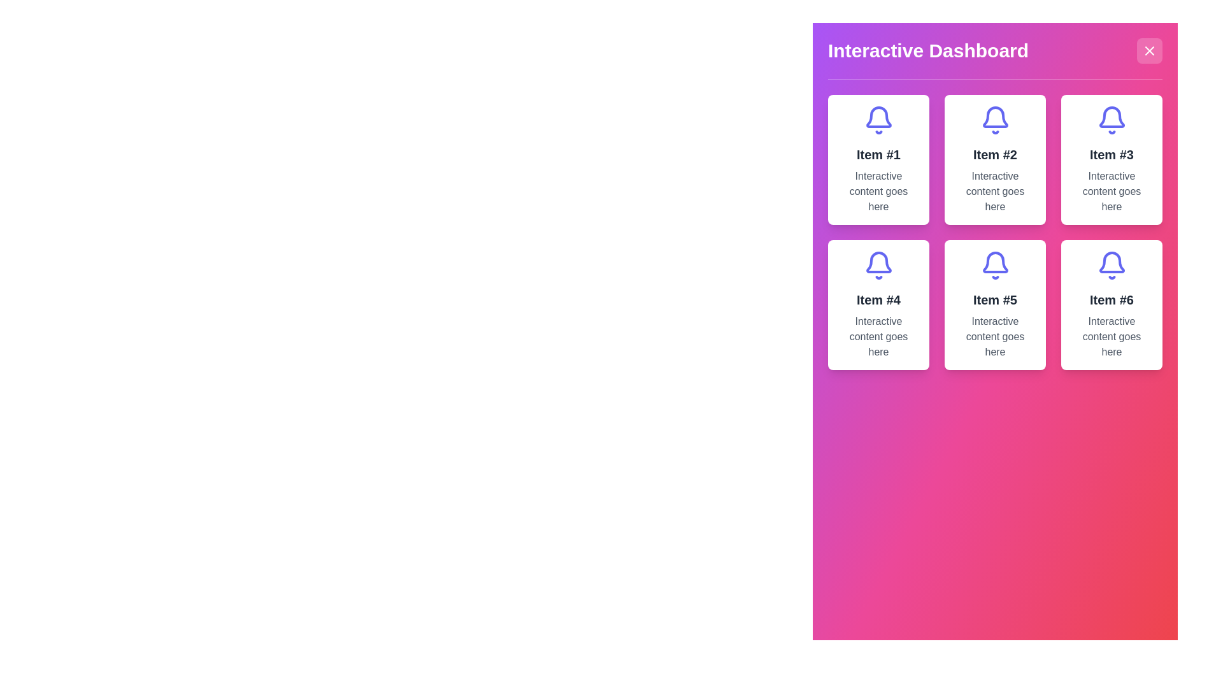 Image resolution: width=1223 pixels, height=688 pixels. I want to click on the decorative bell icon located in the 'Item #5' card of the interactive dashboard modal, so click(994, 262).